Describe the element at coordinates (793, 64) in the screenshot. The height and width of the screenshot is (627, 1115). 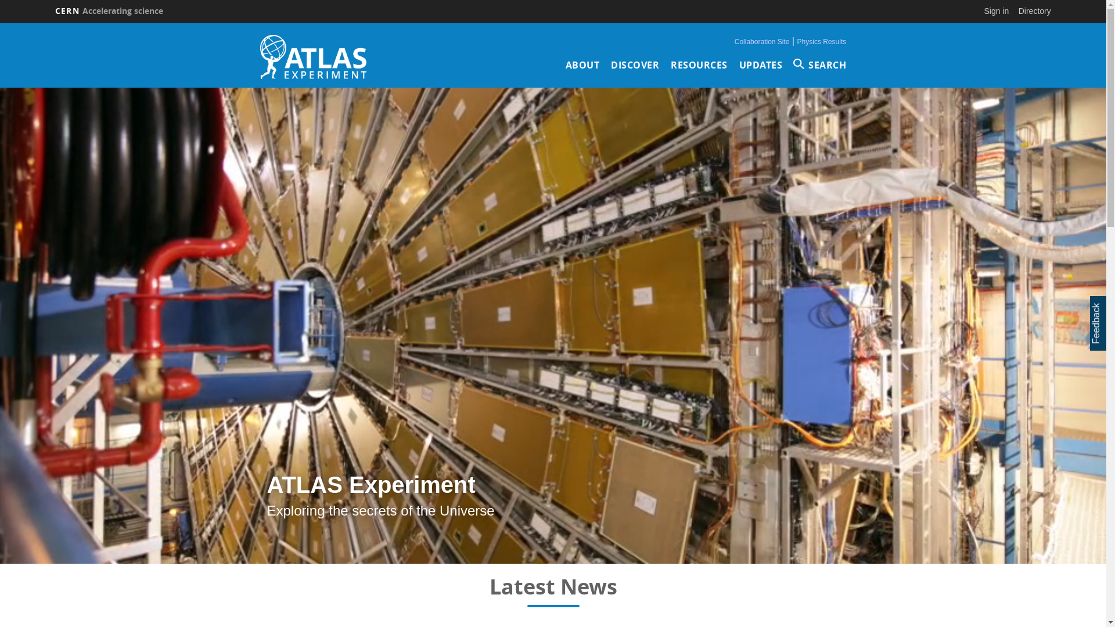
I see `'SEARCH'` at that location.